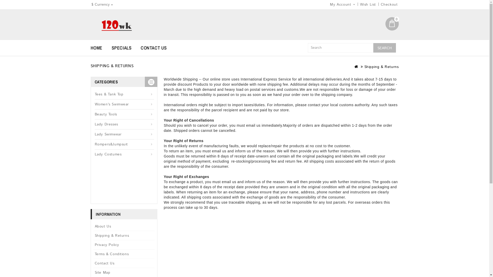  I want to click on 'Checkout', so click(389, 5).